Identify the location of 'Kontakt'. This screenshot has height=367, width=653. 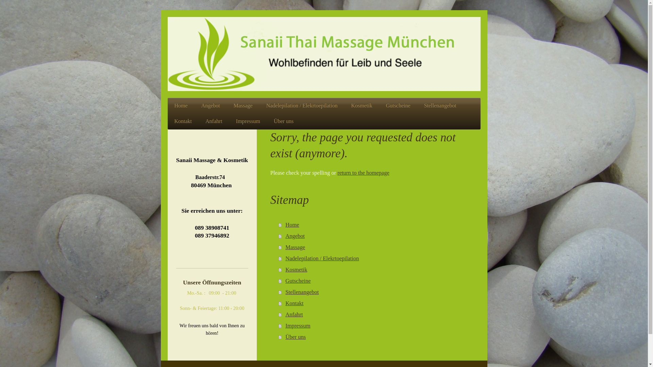
(183, 121).